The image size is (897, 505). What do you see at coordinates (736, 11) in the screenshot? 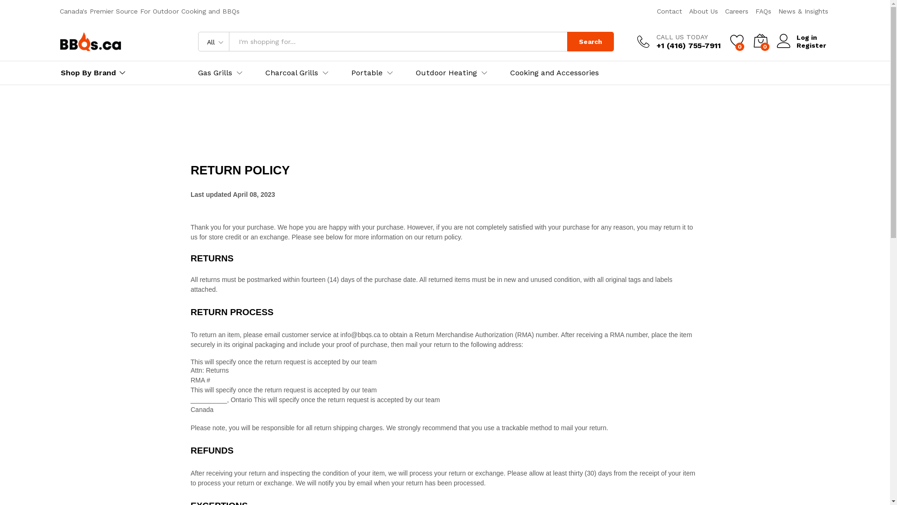
I see `'Careers'` at bounding box center [736, 11].